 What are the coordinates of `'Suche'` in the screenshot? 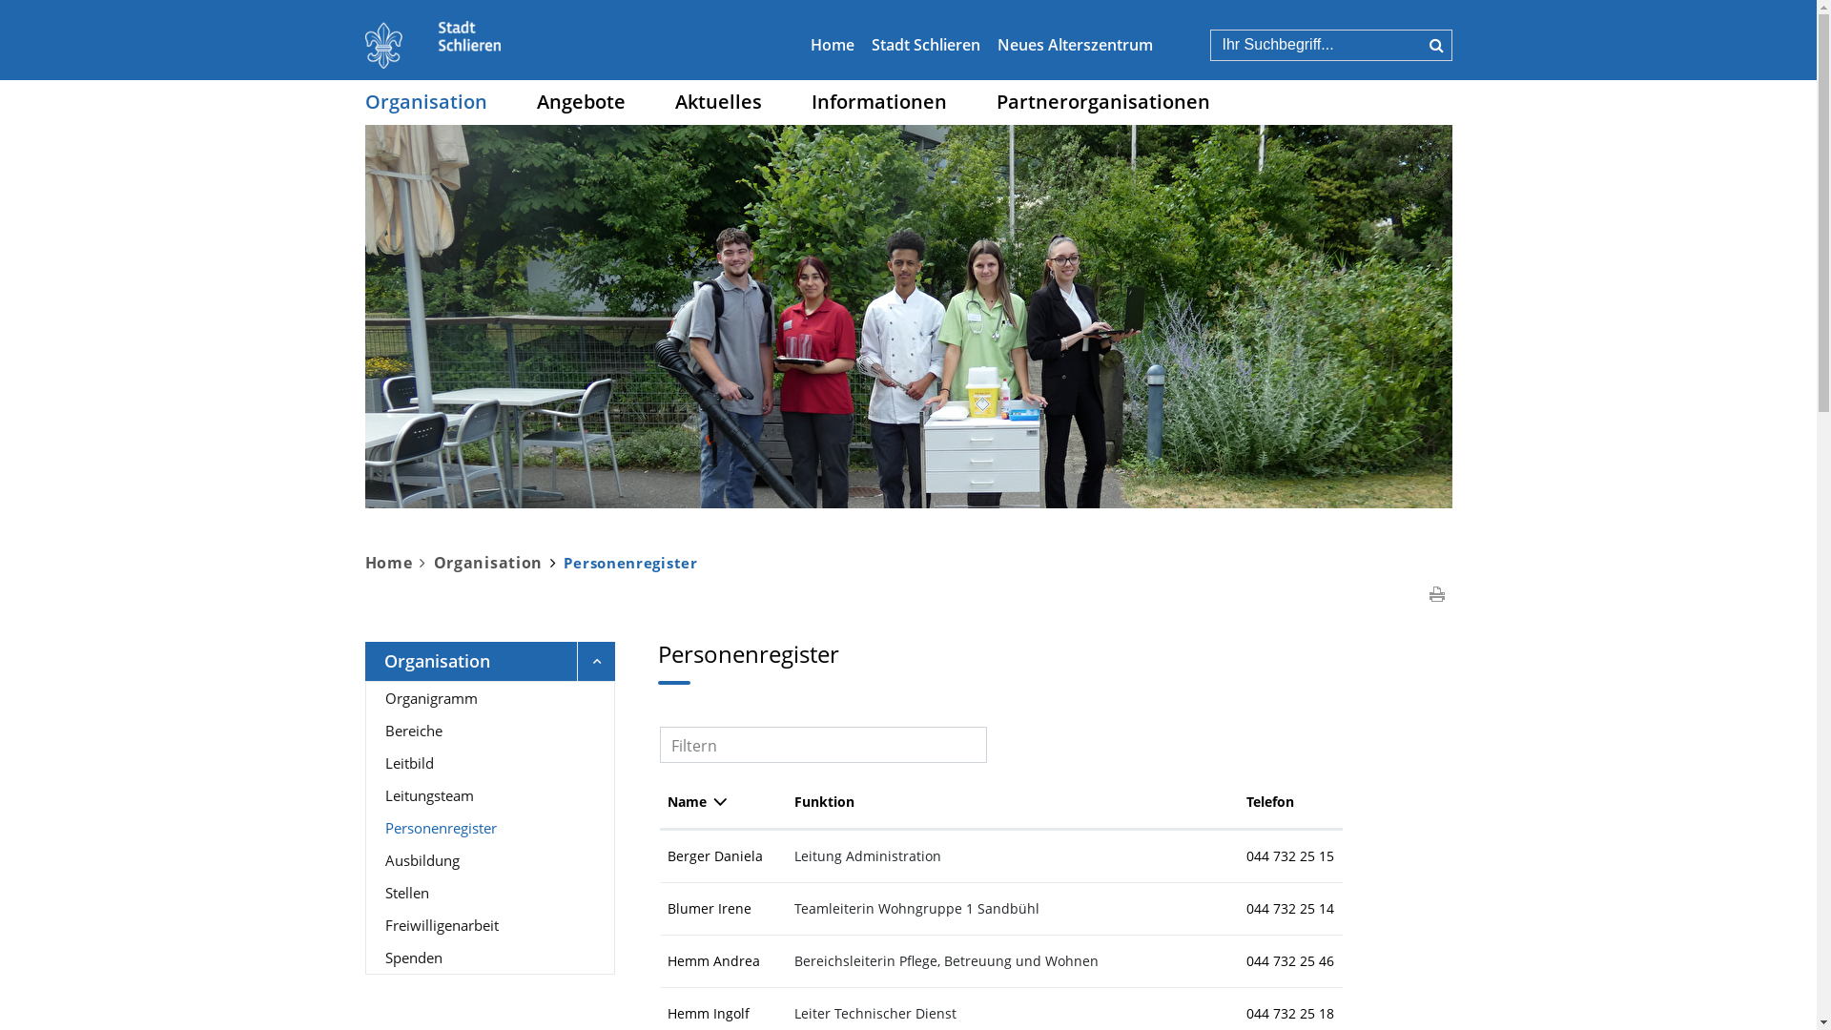 It's located at (1435, 43).